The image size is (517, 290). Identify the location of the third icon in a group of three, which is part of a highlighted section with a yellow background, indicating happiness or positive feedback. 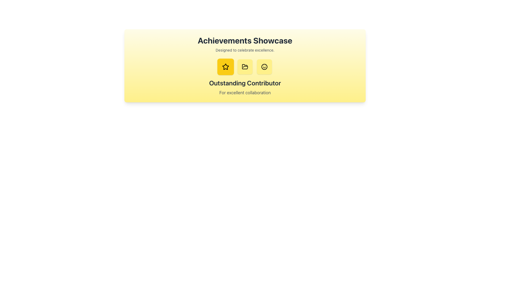
(264, 67).